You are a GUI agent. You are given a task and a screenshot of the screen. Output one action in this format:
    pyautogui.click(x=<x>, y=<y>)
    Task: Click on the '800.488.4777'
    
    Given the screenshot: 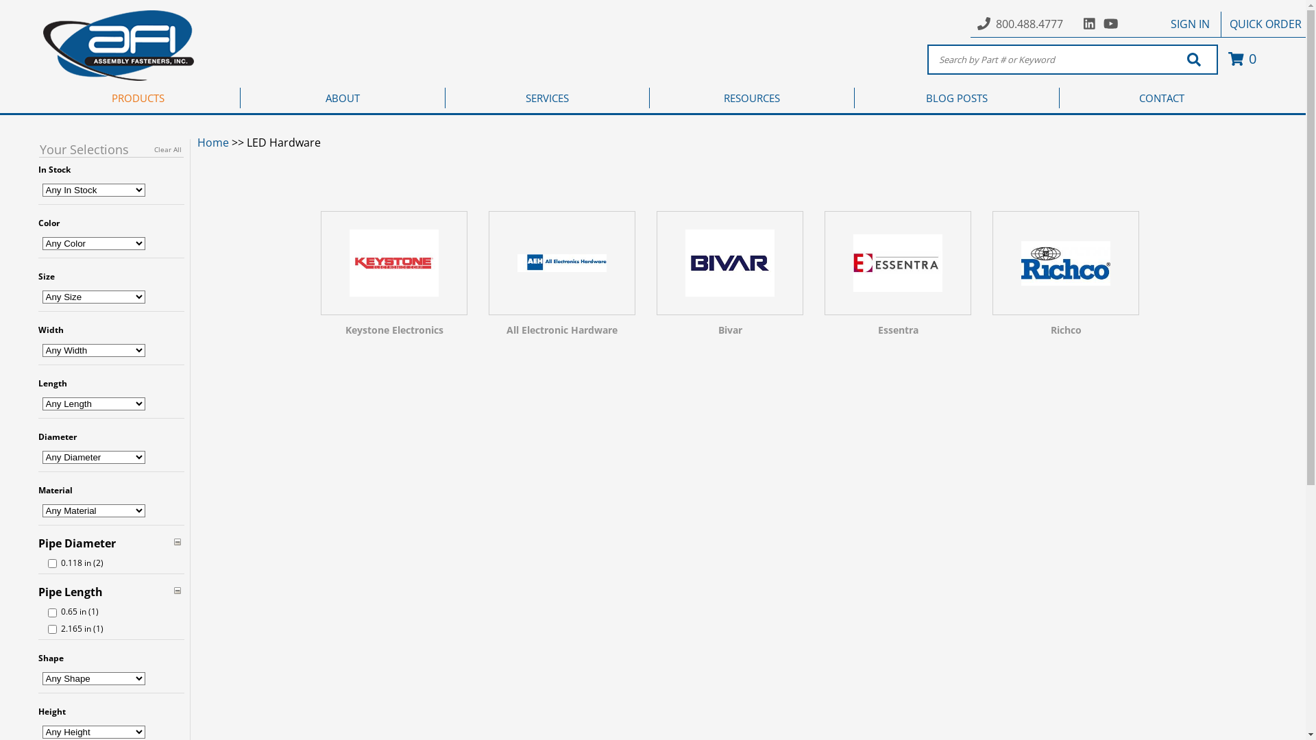 What is the action you would take?
    pyautogui.click(x=1029, y=23)
    